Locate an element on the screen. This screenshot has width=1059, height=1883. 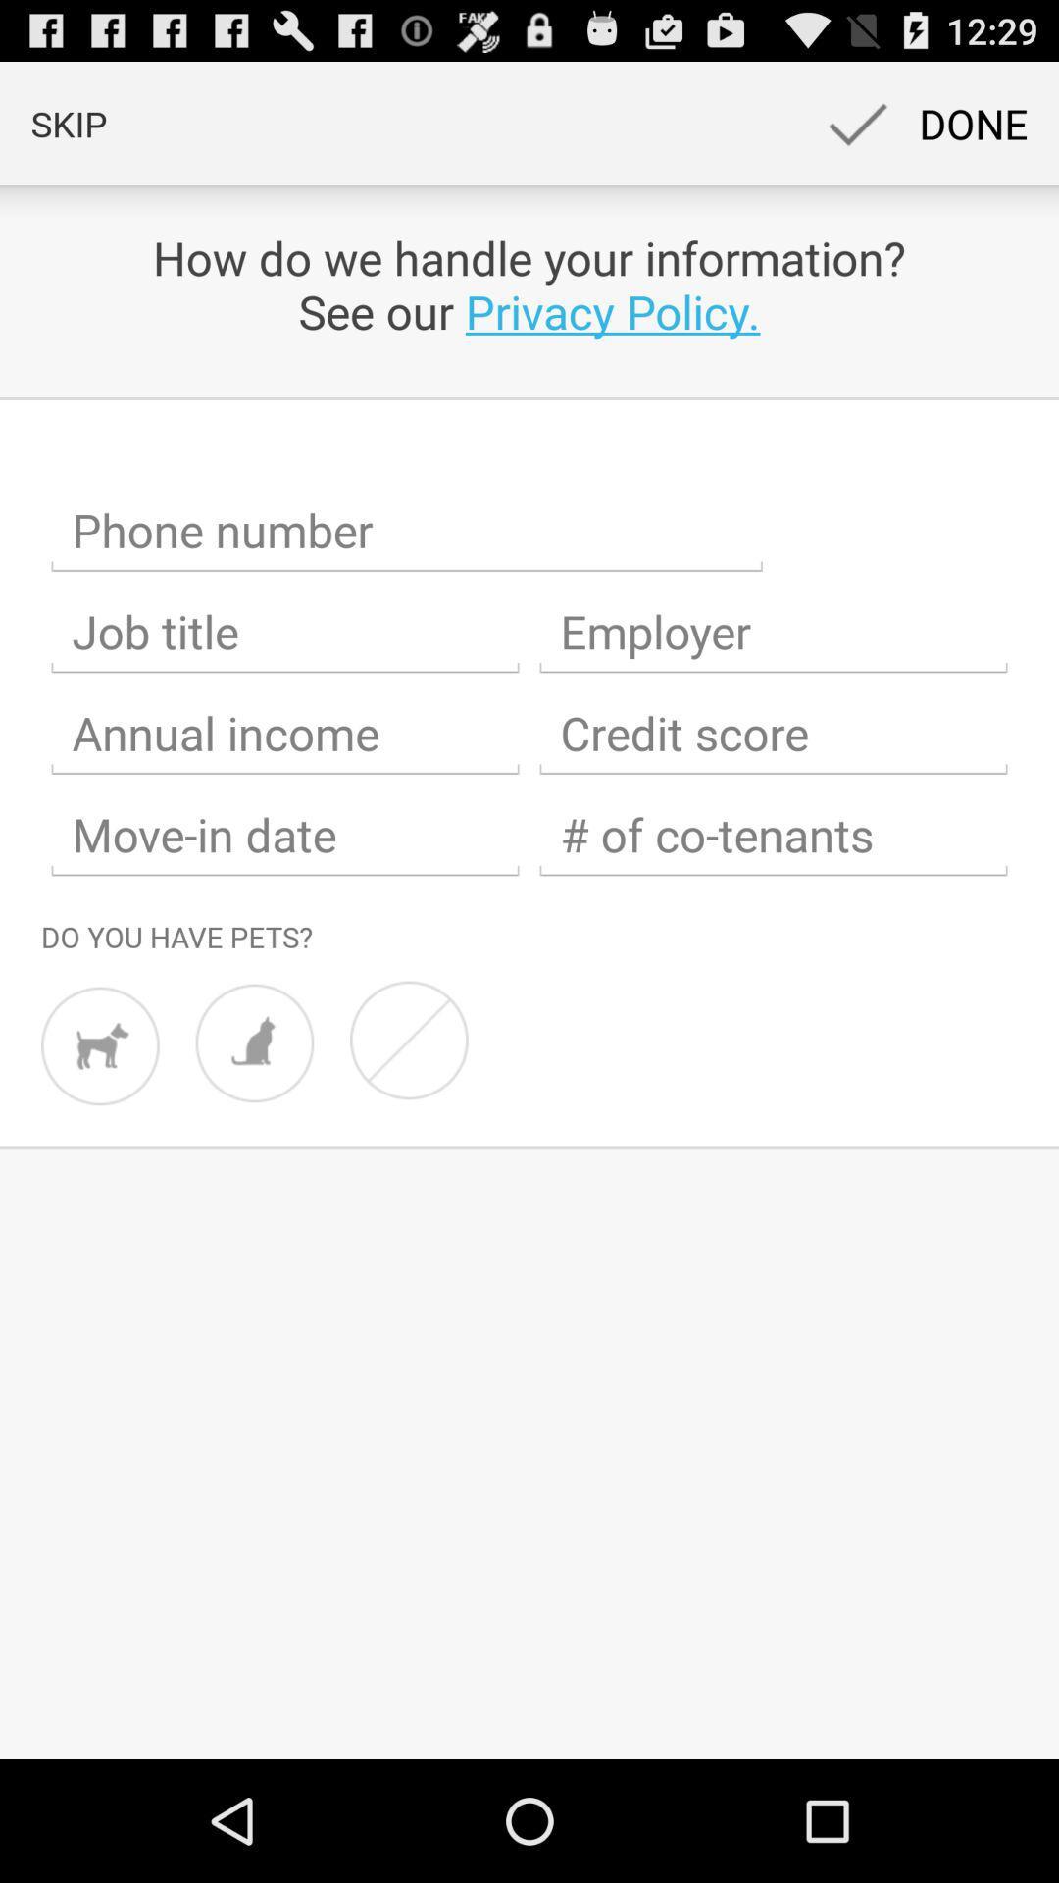
job title field is located at coordinates (284, 632).